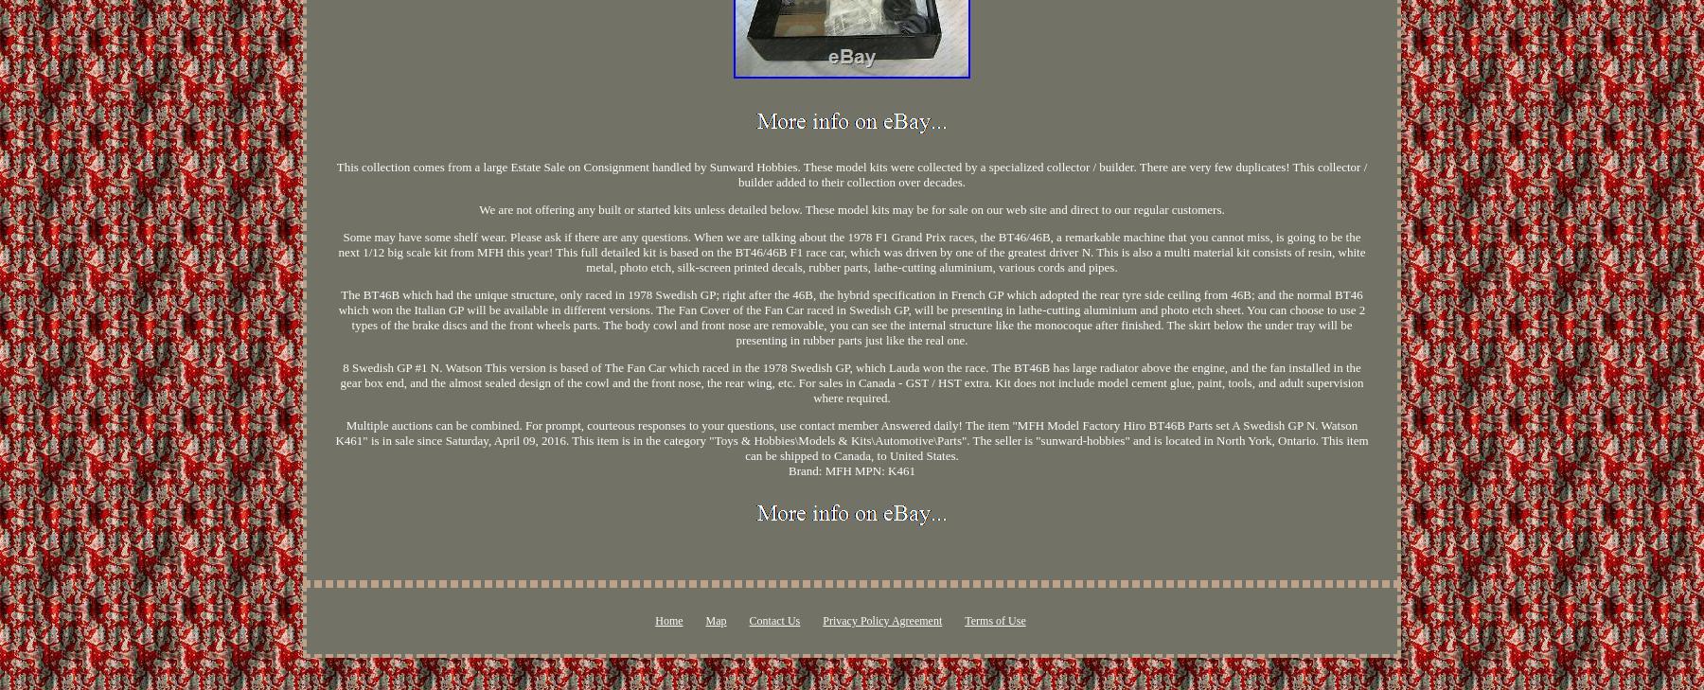 The image size is (1704, 690). I want to click on 'Privacy Policy Agreement', so click(881, 620).